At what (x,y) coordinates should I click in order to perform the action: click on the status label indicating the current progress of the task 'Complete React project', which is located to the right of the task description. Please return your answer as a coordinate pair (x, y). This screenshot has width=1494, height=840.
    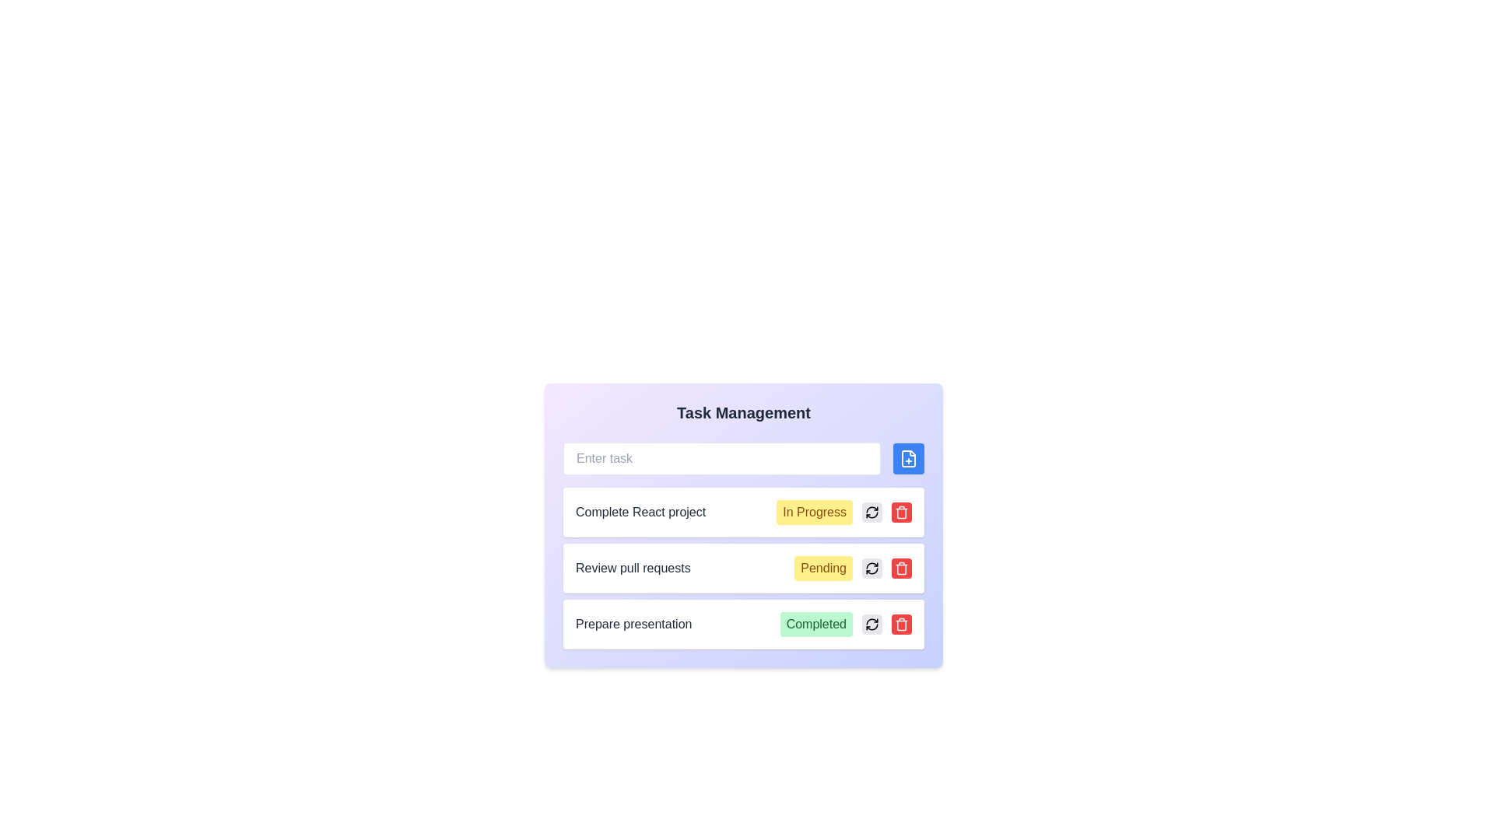
    Looking at the image, I should click on (843, 513).